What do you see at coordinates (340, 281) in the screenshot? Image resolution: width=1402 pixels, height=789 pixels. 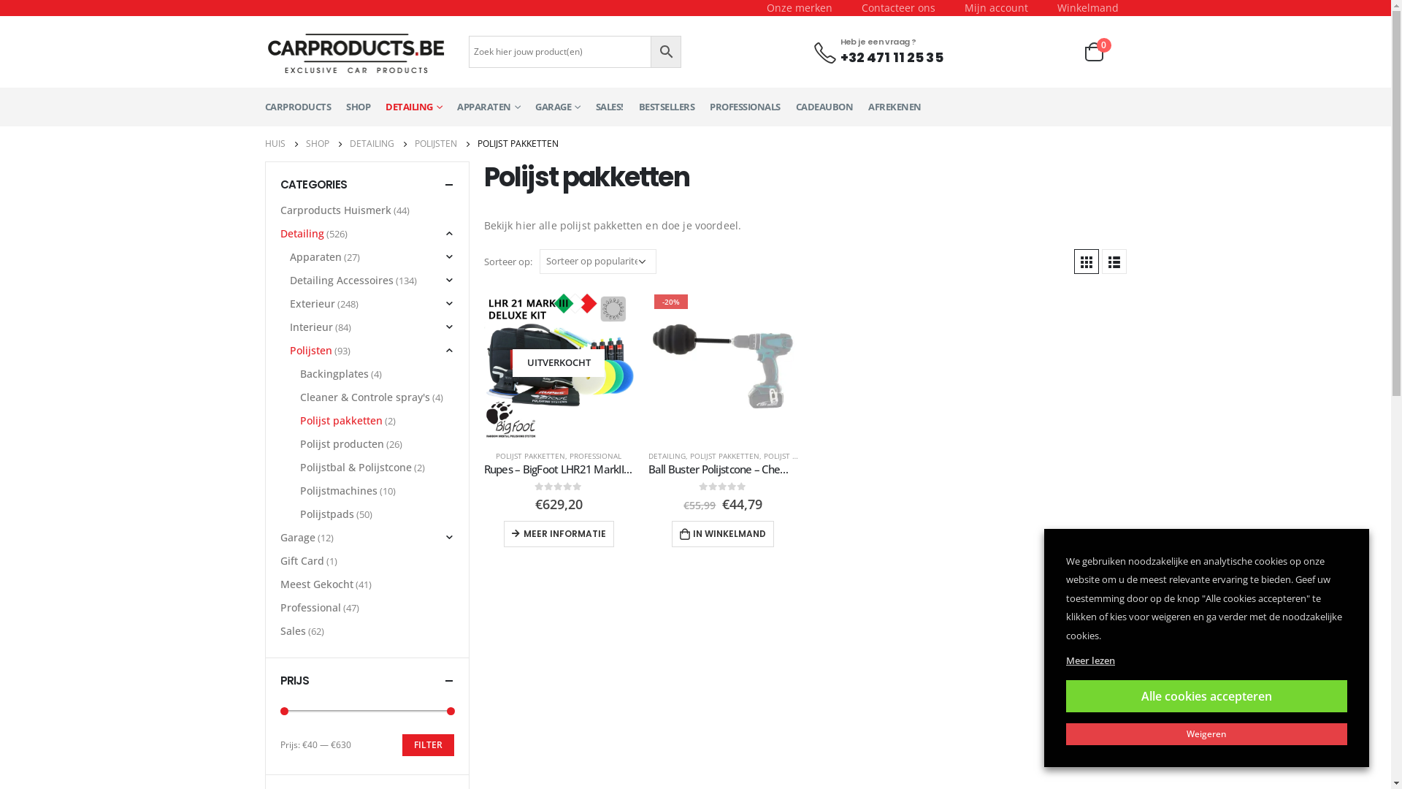 I see `'Detailing Accessoires'` at bounding box center [340, 281].